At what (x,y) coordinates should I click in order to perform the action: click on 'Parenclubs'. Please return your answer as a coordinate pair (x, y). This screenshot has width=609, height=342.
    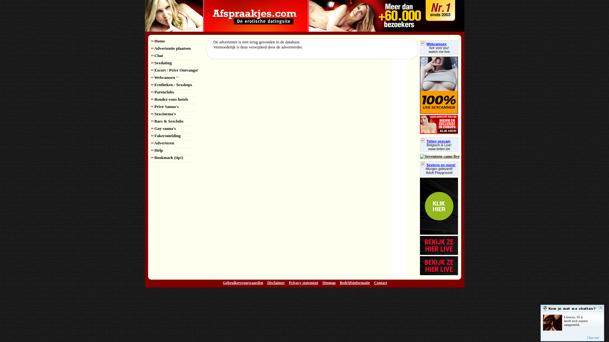
    Looking at the image, I should click on (162, 92).